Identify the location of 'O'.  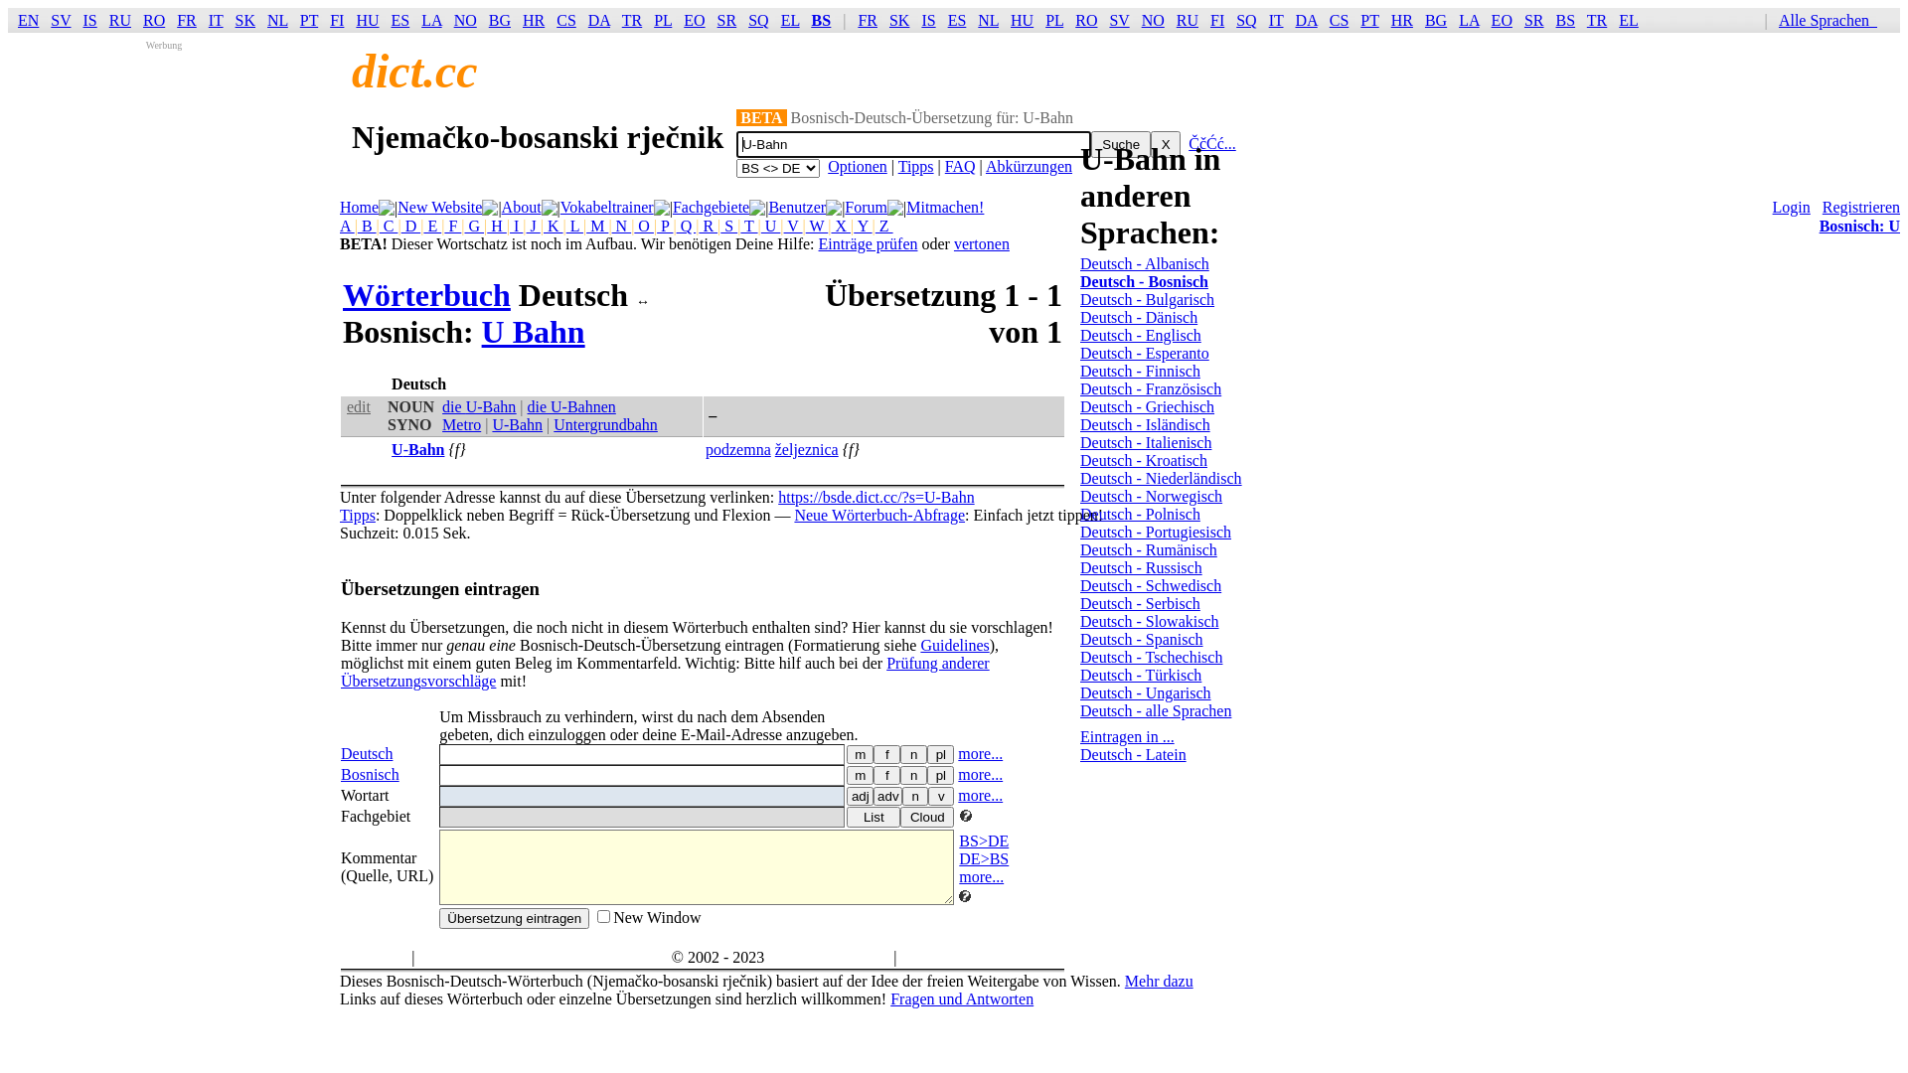
(644, 225).